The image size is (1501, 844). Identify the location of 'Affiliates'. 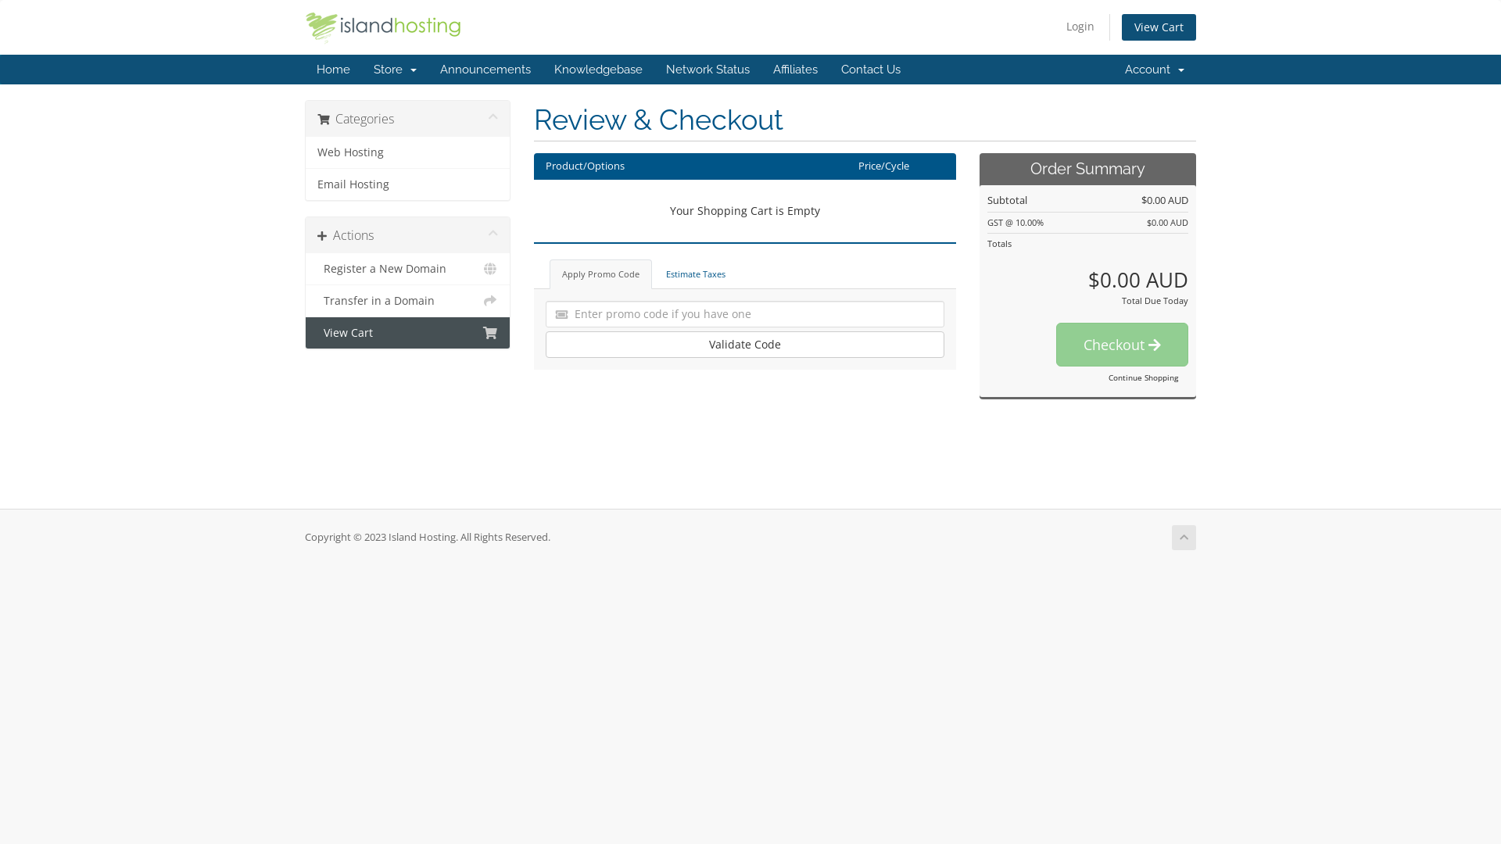
(795, 68).